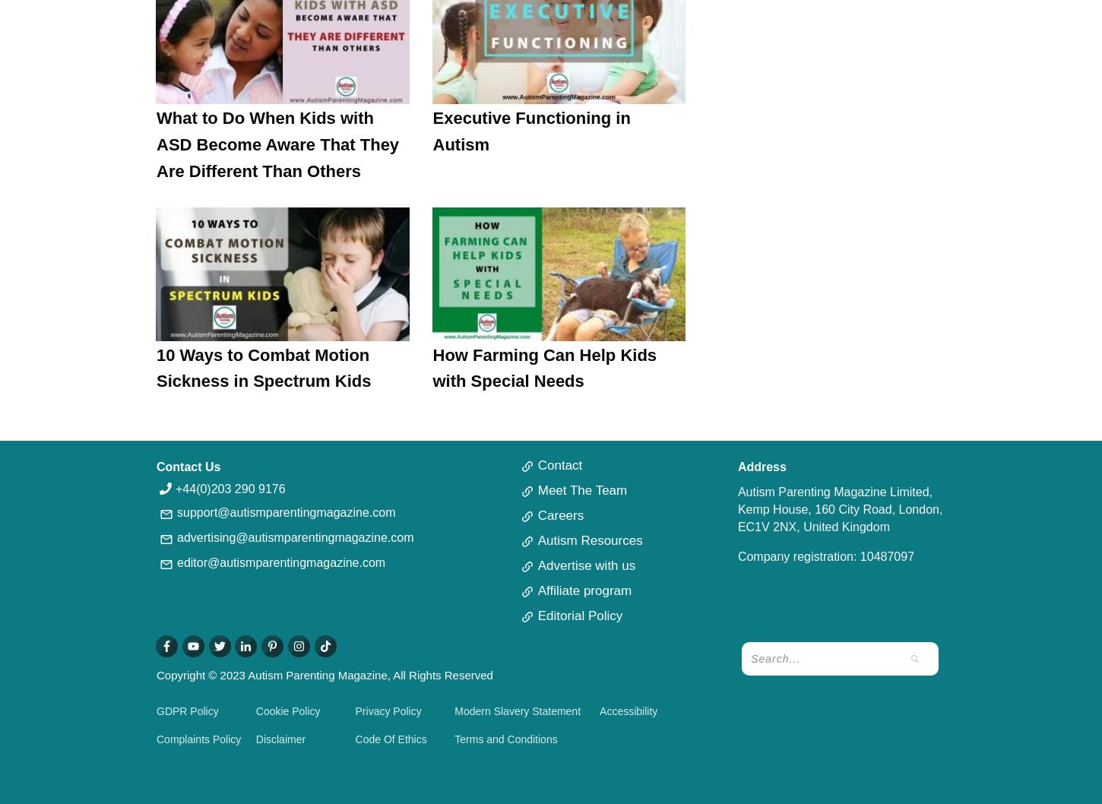 This screenshot has width=1102, height=804. What do you see at coordinates (530, 130) in the screenshot?
I see `'Executive Functioning in Autism'` at bounding box center [530, 130].